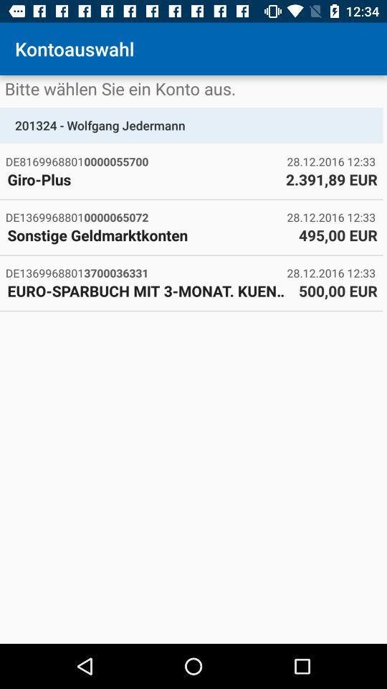 The height and width of the screenshot is (689, 387). I want to click on the item below de81699688010000055700, so click(143, 179).